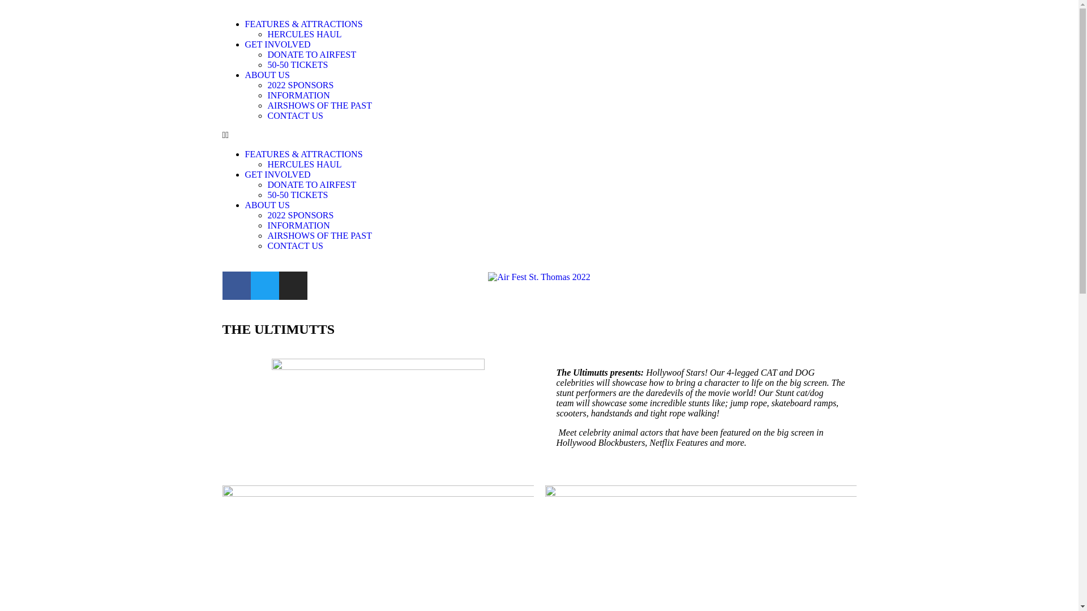 The width and height of the screenshot is (1087, 611). Describe the element at coordinates (319, 105) in the screenshot. I see `'AIRSHOWS OF THE PAST'` at that location.